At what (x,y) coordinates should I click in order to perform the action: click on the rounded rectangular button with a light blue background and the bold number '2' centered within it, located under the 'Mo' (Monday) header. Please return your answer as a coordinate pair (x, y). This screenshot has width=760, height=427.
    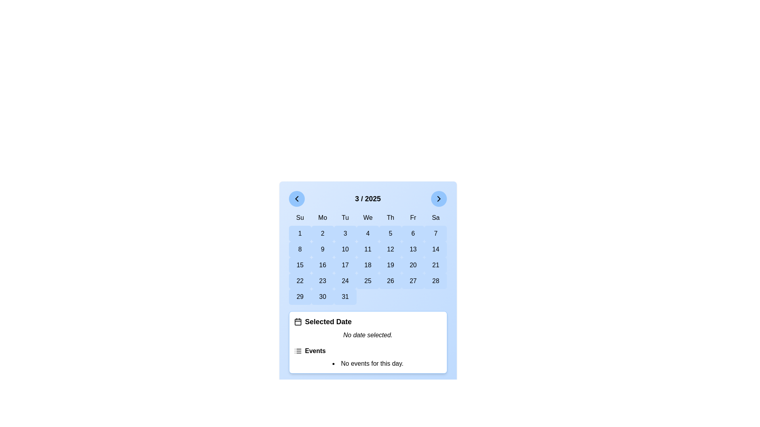
    Looking at the image, I should click on (323, 233).